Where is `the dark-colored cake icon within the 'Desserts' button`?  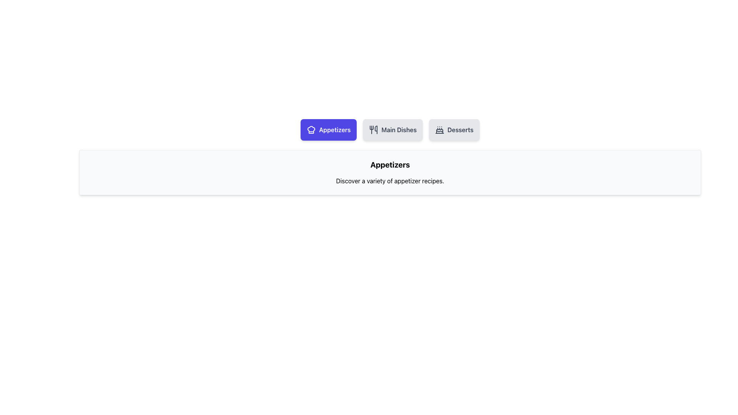
the dark-colored cake icon within the 'Desserts' button is located at coordinates (440, 129).